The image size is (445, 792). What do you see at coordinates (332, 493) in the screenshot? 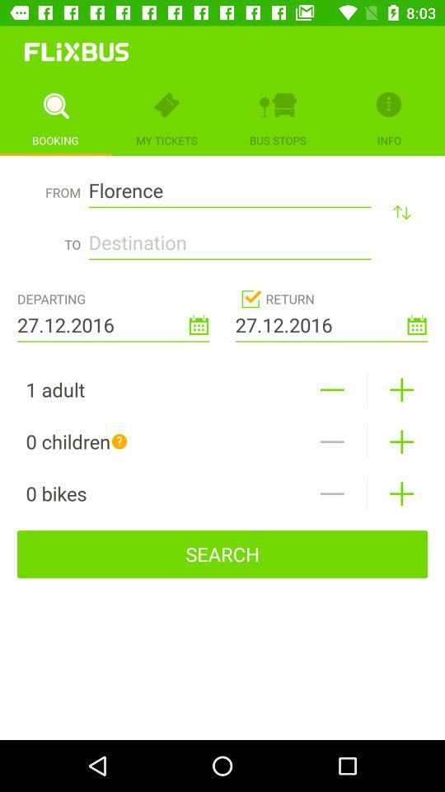
I see `lower number of bikes` at bounding box center [332, 493].